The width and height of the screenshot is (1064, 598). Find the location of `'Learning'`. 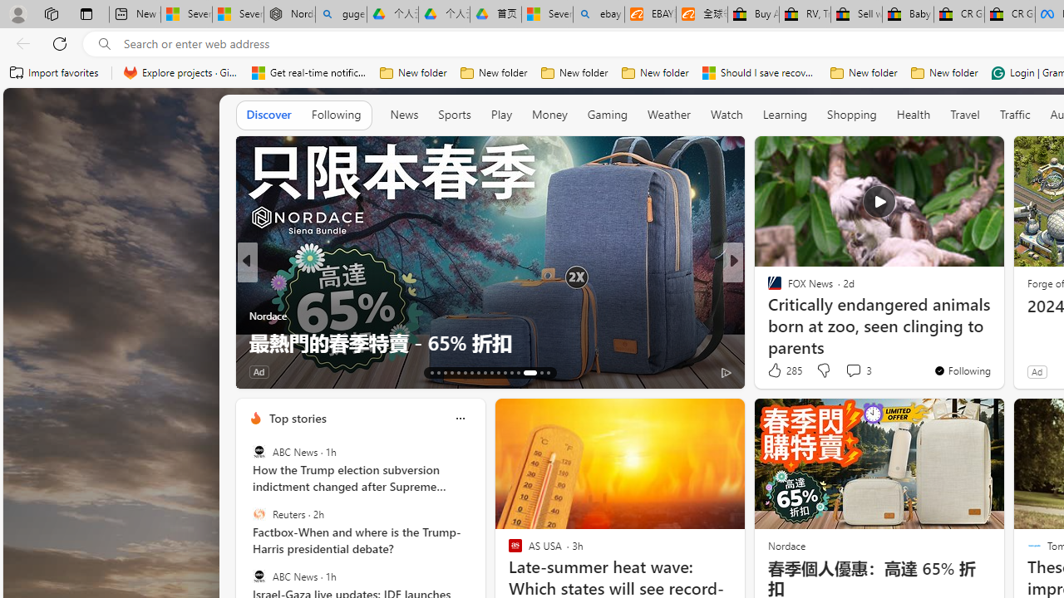

'Learning' is located at coordinates (784, 113).